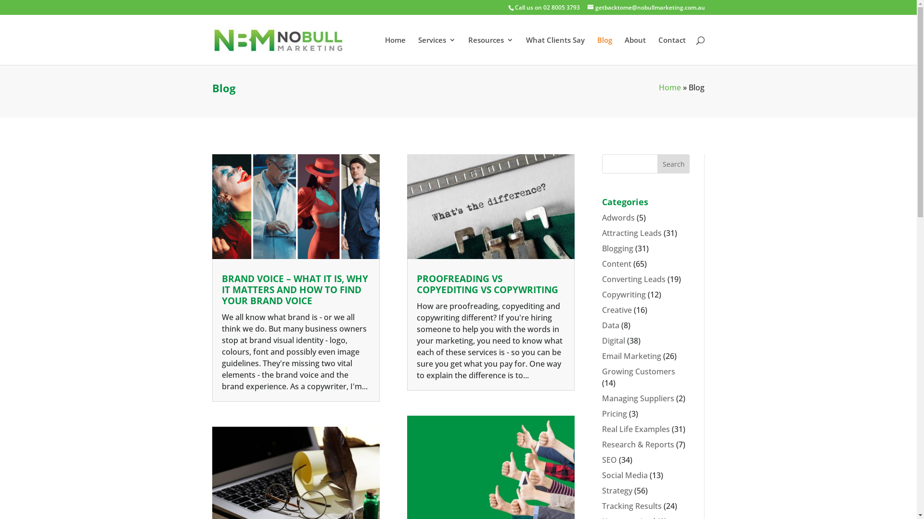 Image resolution: width=924 pixels, height=519 pixels. Describe the element at coordinates (613, 340) in the screenshot. I see `'Digital'` at that location.